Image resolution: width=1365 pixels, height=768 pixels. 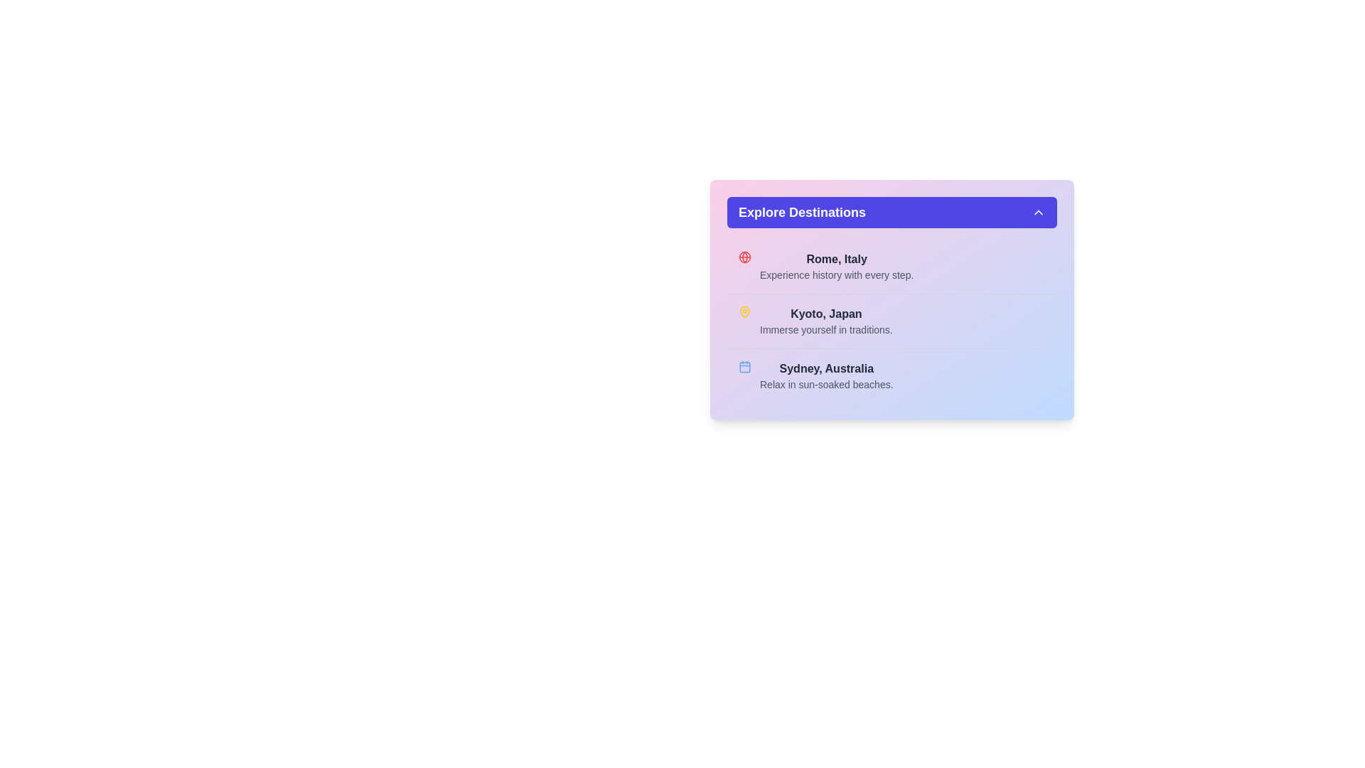 What do you see at coordinates (891, 321) in the screenshot?
I see `the second item in the list that highlights Kyoto as a destination` at bounding box center [891, 321].